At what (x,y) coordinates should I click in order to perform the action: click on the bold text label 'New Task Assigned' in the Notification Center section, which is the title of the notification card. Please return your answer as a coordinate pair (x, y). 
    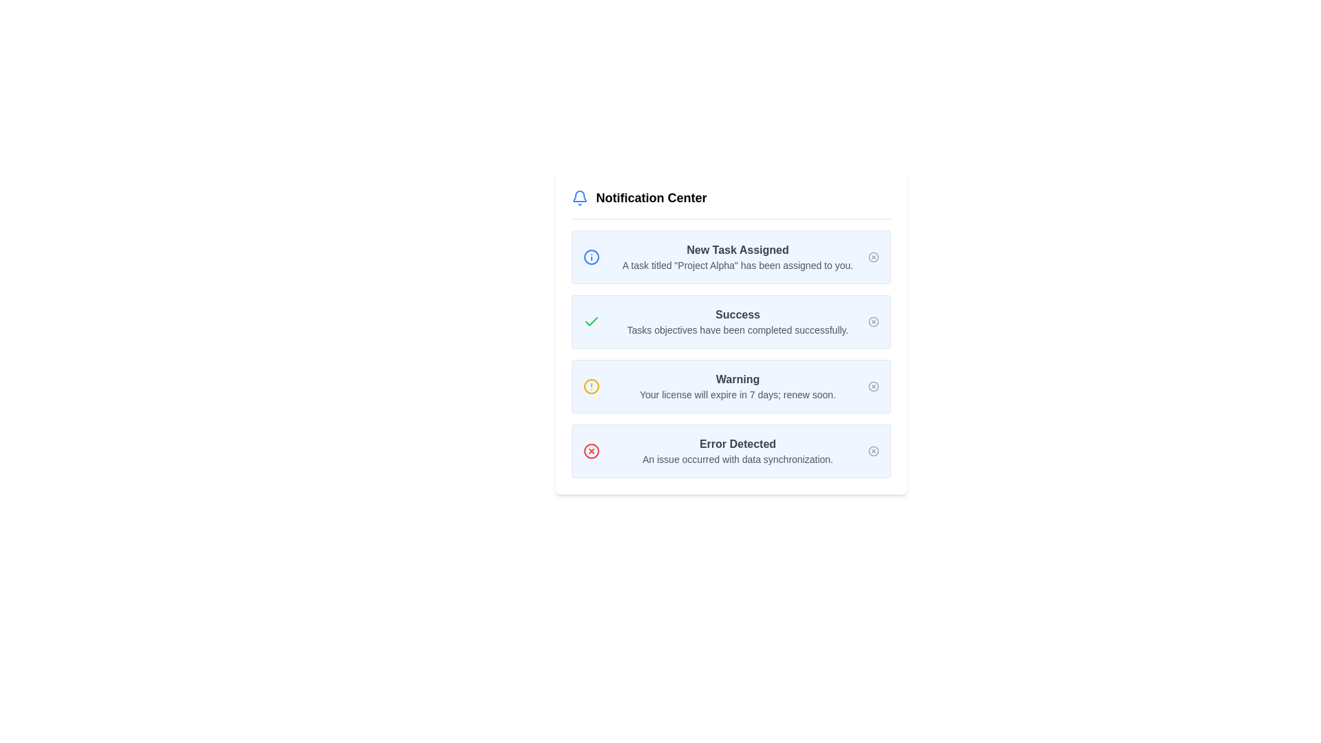
    Looking at the image, I should click on (737, 250).